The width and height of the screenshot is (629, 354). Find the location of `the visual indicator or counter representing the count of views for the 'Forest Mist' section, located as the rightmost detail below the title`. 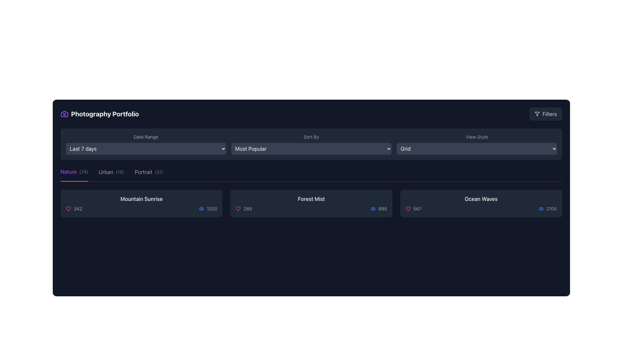

the visual indicator or counter representing the count of views for the 'Forest Mist' section, located as the rightmost detail below the title is located at coordinates (379, 208).